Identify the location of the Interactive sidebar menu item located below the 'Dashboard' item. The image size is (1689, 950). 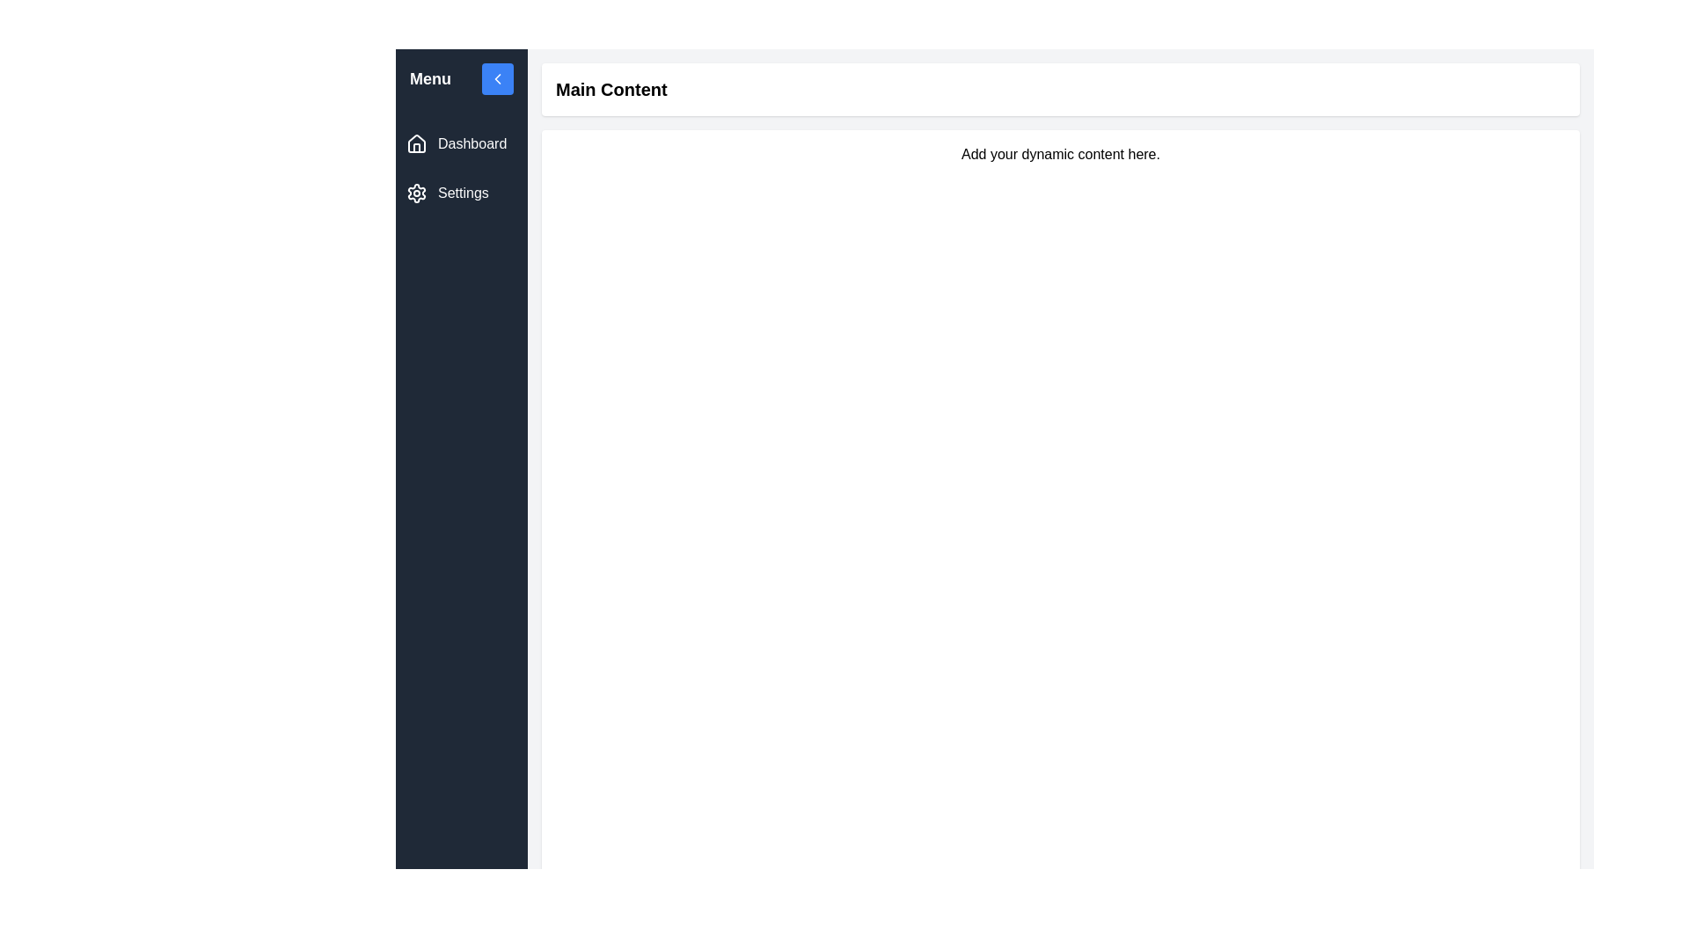
(461, 193).